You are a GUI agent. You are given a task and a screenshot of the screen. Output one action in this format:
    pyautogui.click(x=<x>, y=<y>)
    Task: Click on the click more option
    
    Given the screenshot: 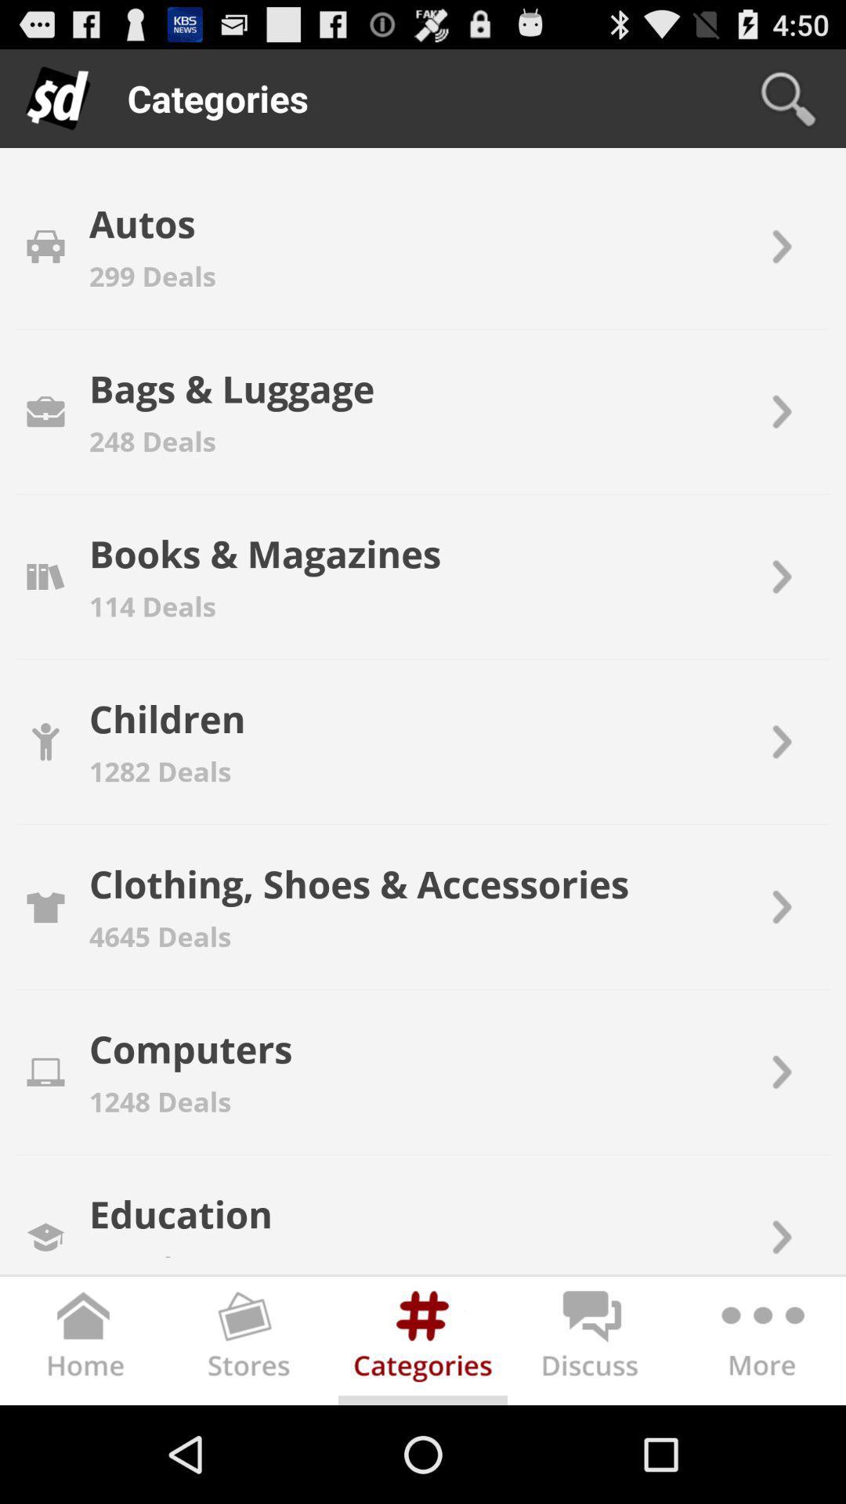 What is the action you would take?
    pyautogui.click(x=760, y=1343)
    